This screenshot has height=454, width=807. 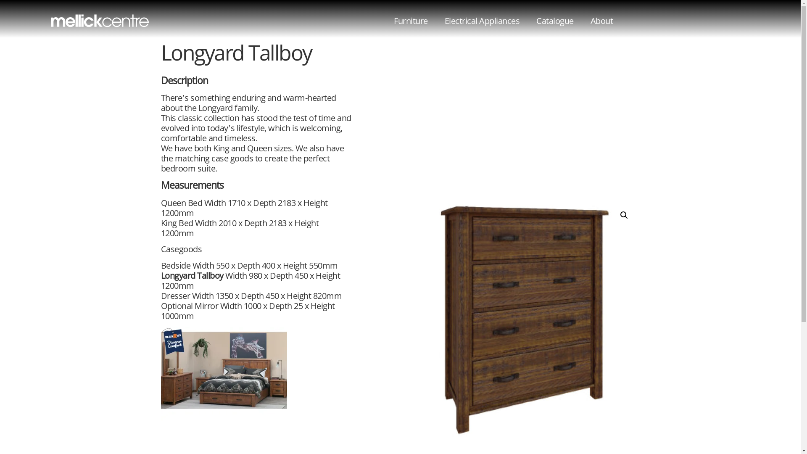 I want to click on 'Furniture', so click(x=411, y=21).